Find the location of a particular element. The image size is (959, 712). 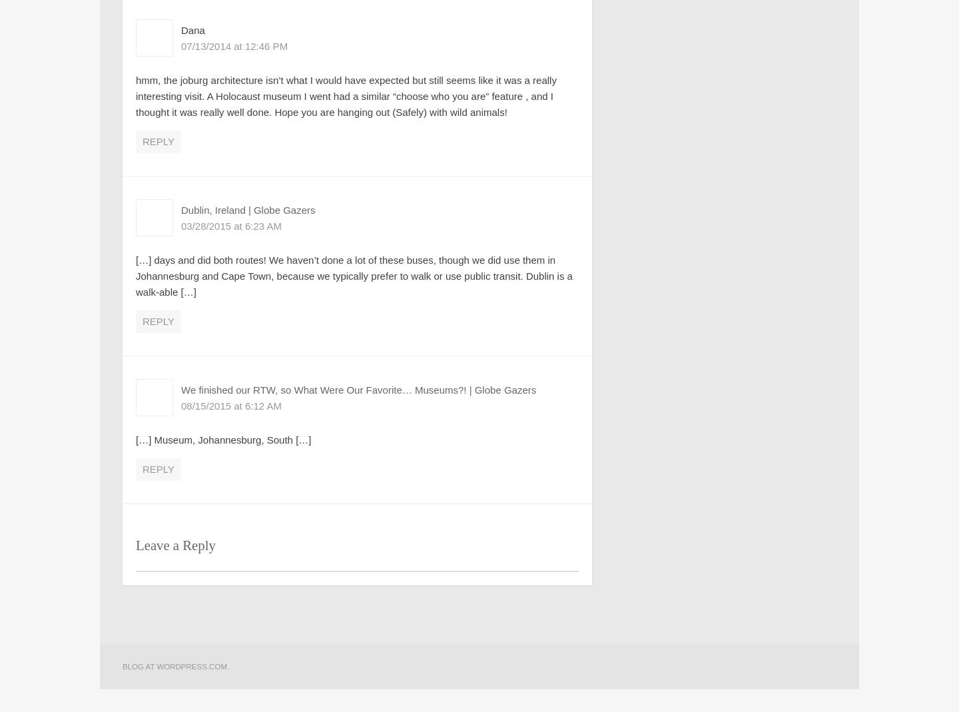

'[…] days and did both routes! We haven’t done a lot of these buses, though we did use them in Johannesburg and Cape Town, because we typically prefer to walk or use public transit. Dublin is a walk-able […]' is located at coordinates (353, 276).